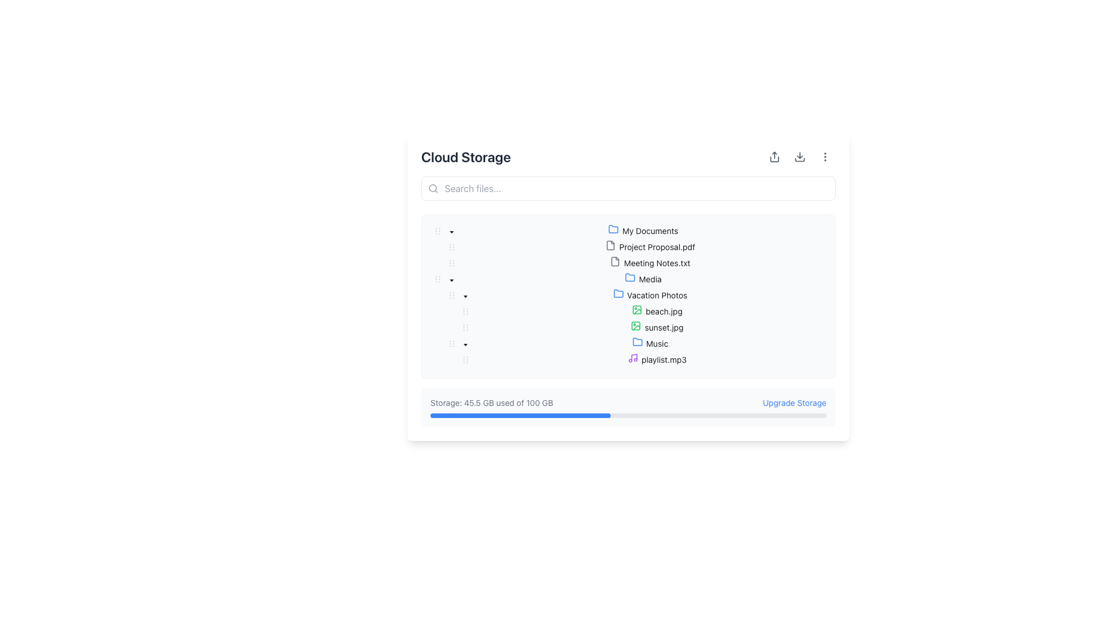 This screenshot has width=1105, height=621. I want to click on the Tree indentation marker located before the expandable folder labeled 'Vacation Photos' in the file system sidebar, so click(437, 294).